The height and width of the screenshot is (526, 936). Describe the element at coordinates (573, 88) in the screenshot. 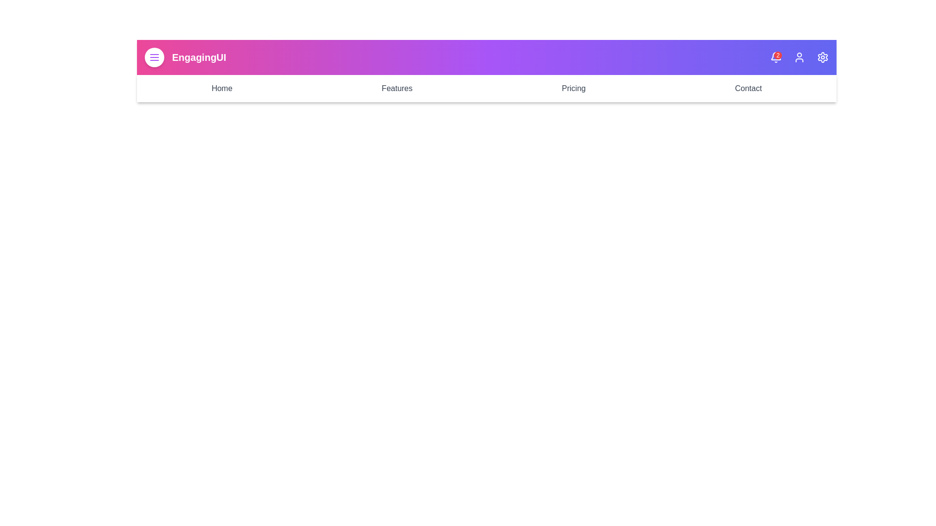

I see `the Pricing navigation link` at that location.